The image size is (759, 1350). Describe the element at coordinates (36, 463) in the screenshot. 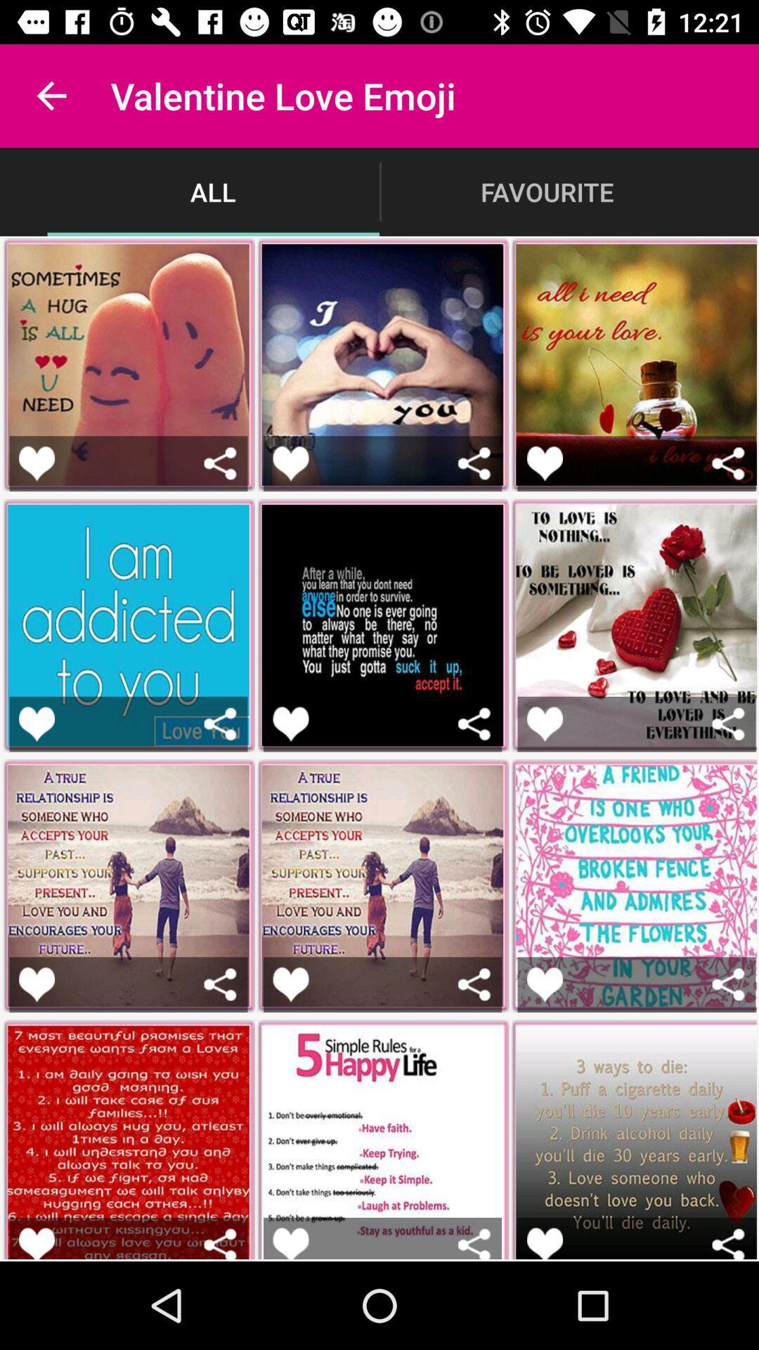

I see `like the picture` at that location.